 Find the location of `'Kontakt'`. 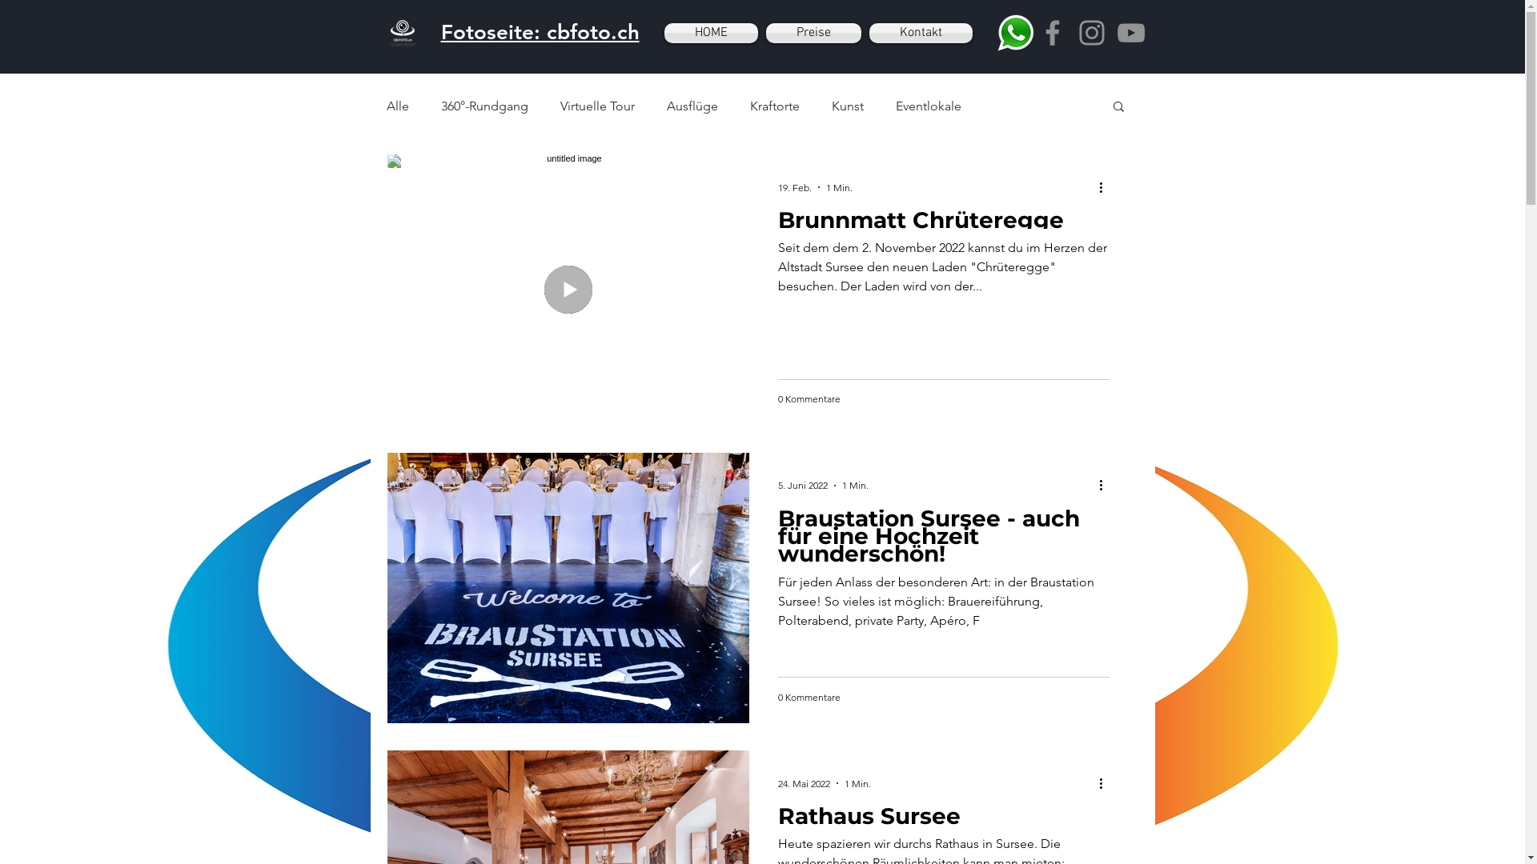

'Kontakt' is located at coordinates (918, 33).